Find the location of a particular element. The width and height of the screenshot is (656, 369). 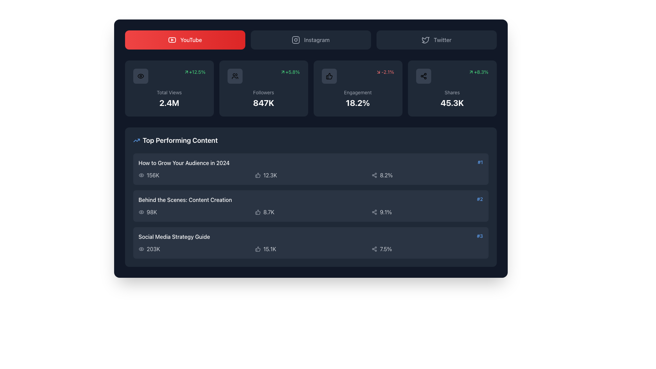

the textual and iconographic display element that shows '-2.1%' in red font, located in the middle right section of the engagement statistics panel is located at coordinates (385, 72).